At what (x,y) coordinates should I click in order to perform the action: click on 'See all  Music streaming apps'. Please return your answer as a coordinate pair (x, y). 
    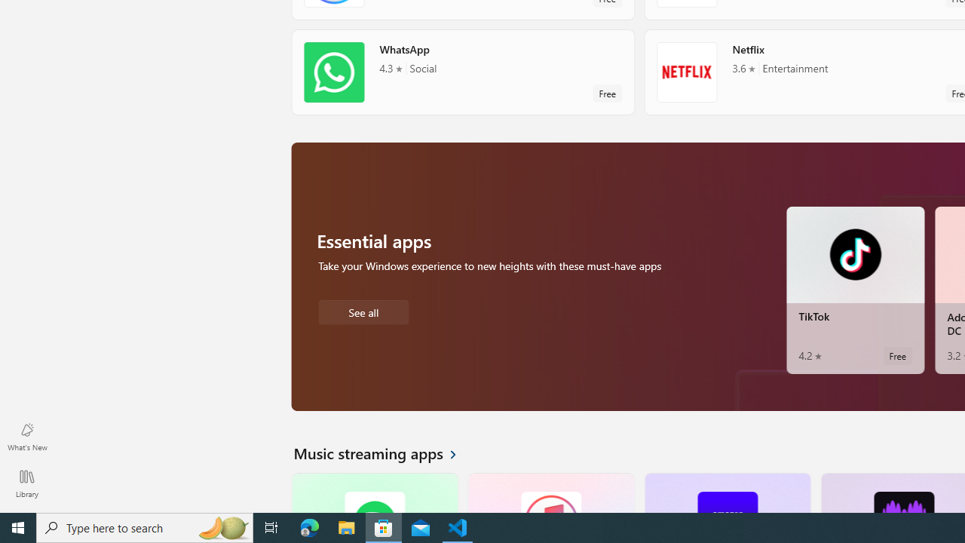
    Looking at the image, I should click on (384, 452).